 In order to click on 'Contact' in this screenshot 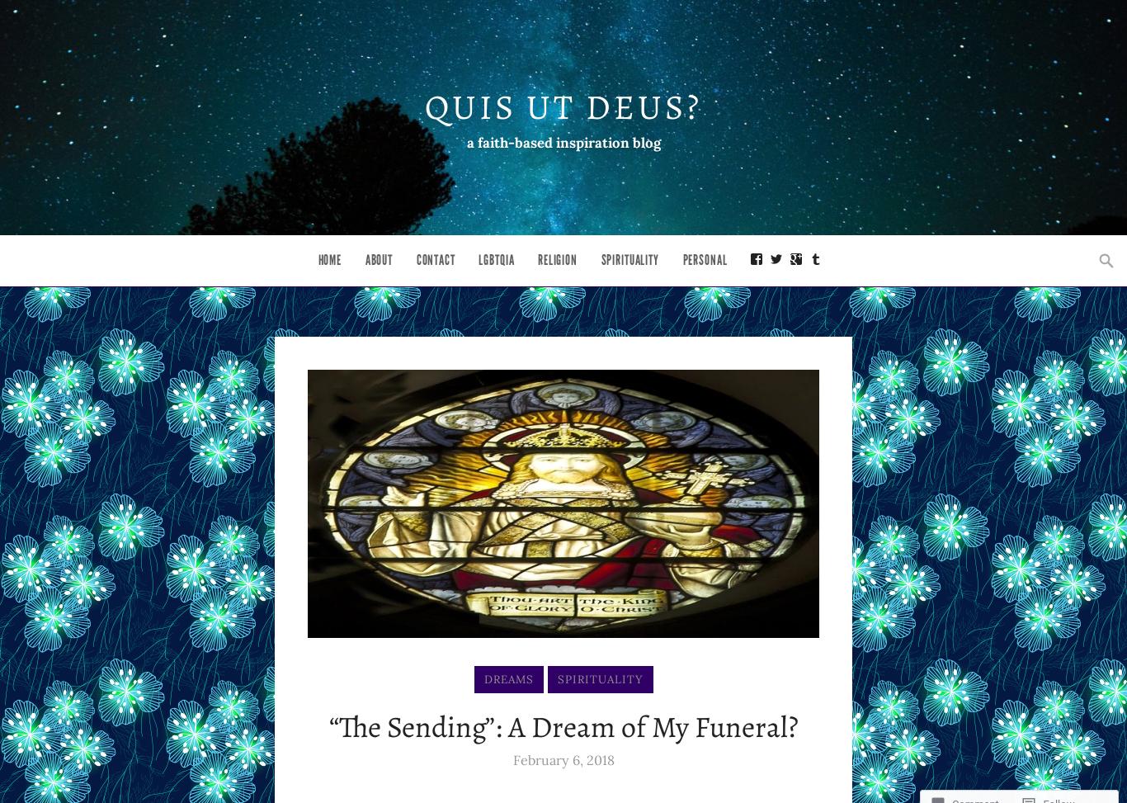, I will do `click(416, 260)`.